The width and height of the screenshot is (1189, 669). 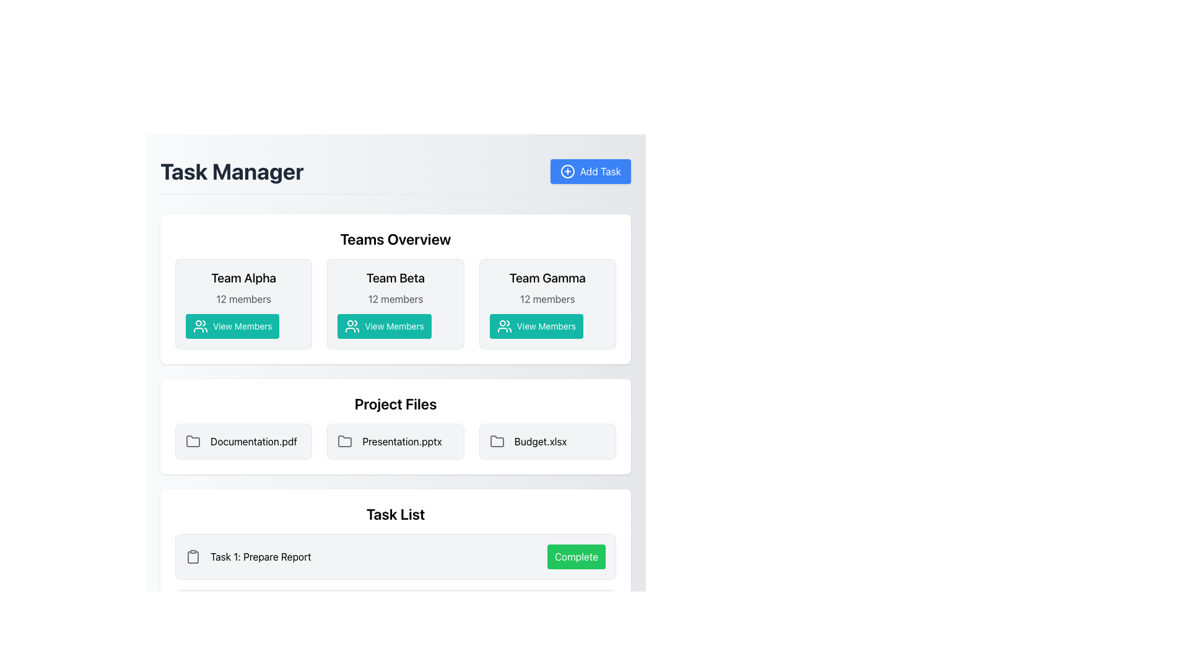 I want to click on the label displaying '12 members' which is located beneath the title 'Team Beta' in the card-style layout, so click(x=394, y=299).